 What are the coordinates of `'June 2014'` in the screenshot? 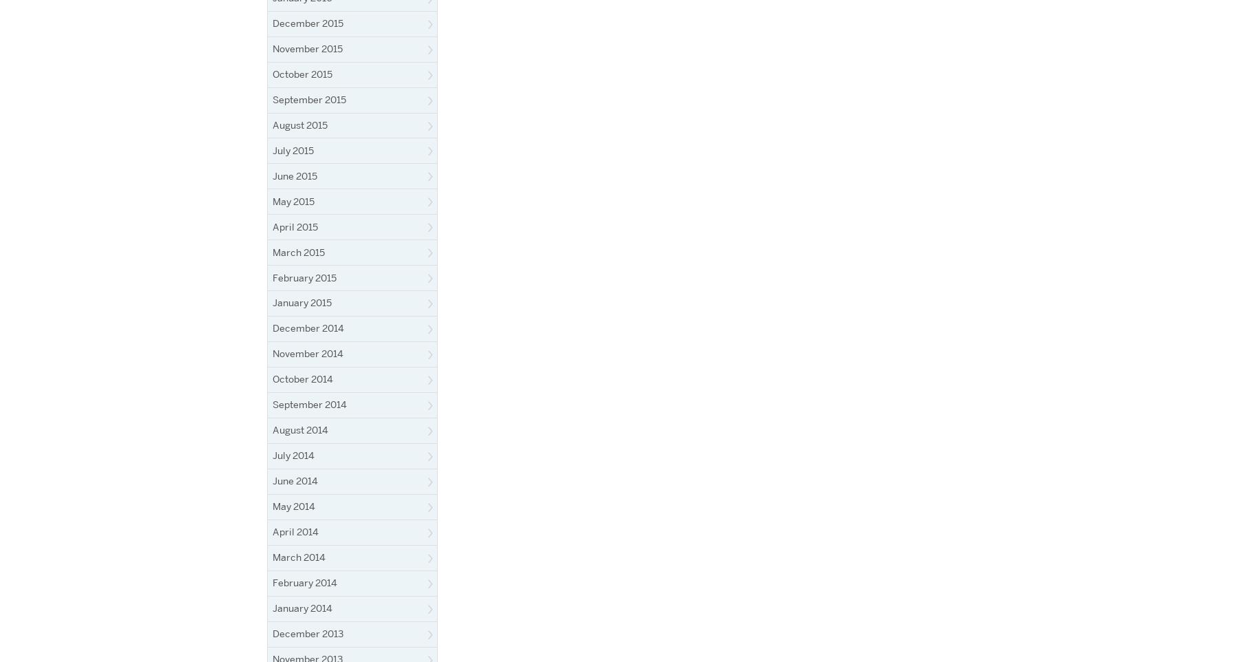 It's located at (273, 480).